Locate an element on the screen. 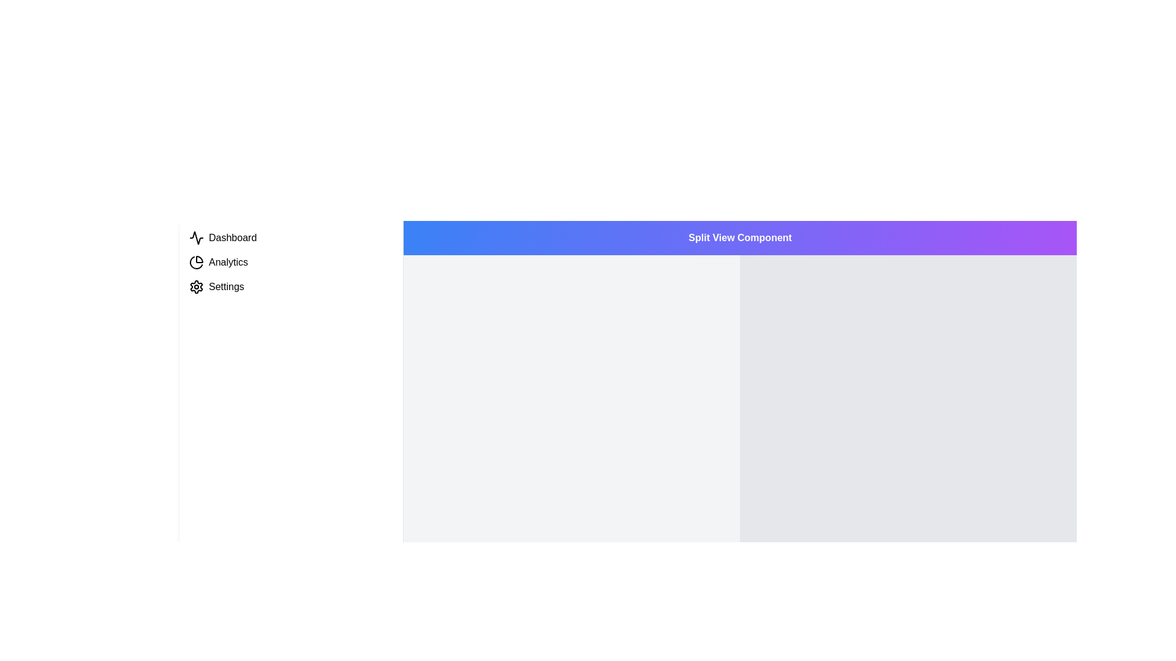  the second item in the vertical navigation list is located at coordinates (290, 261).